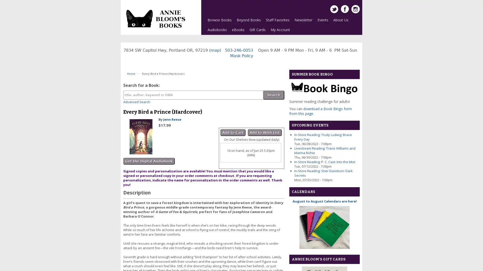 Image resolution: width=483 pixels, height=271 pixels. Describe the element at coordinates (149, 161) in the screenshot. I see `Get the Digital Audiobook` at that location.